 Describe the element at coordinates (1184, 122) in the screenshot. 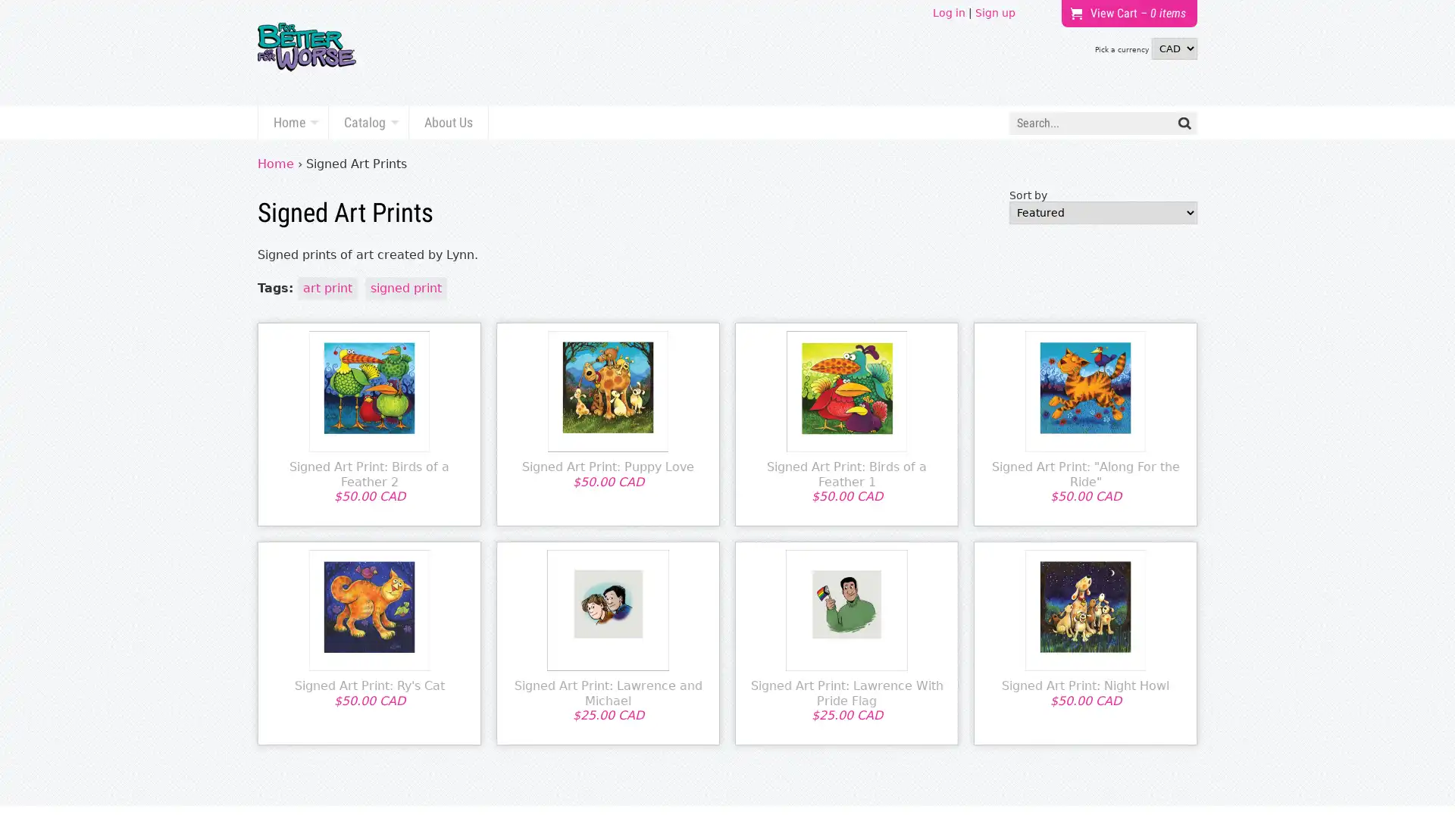

I see `Search` at that location.